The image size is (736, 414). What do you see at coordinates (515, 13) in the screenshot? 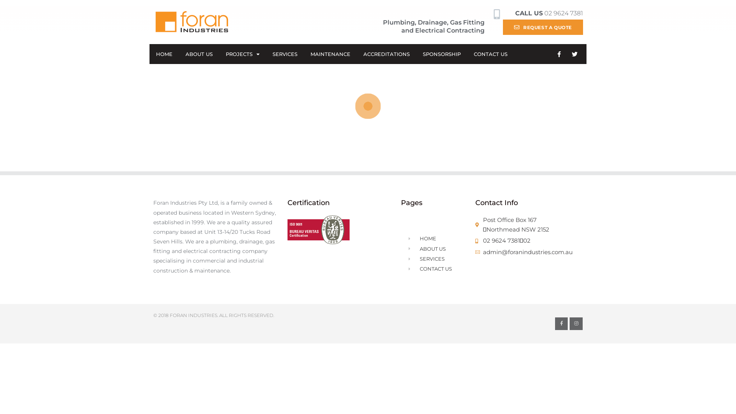
I see `'CALL US 02 9624 7381'` at bounding box center [515, 13].